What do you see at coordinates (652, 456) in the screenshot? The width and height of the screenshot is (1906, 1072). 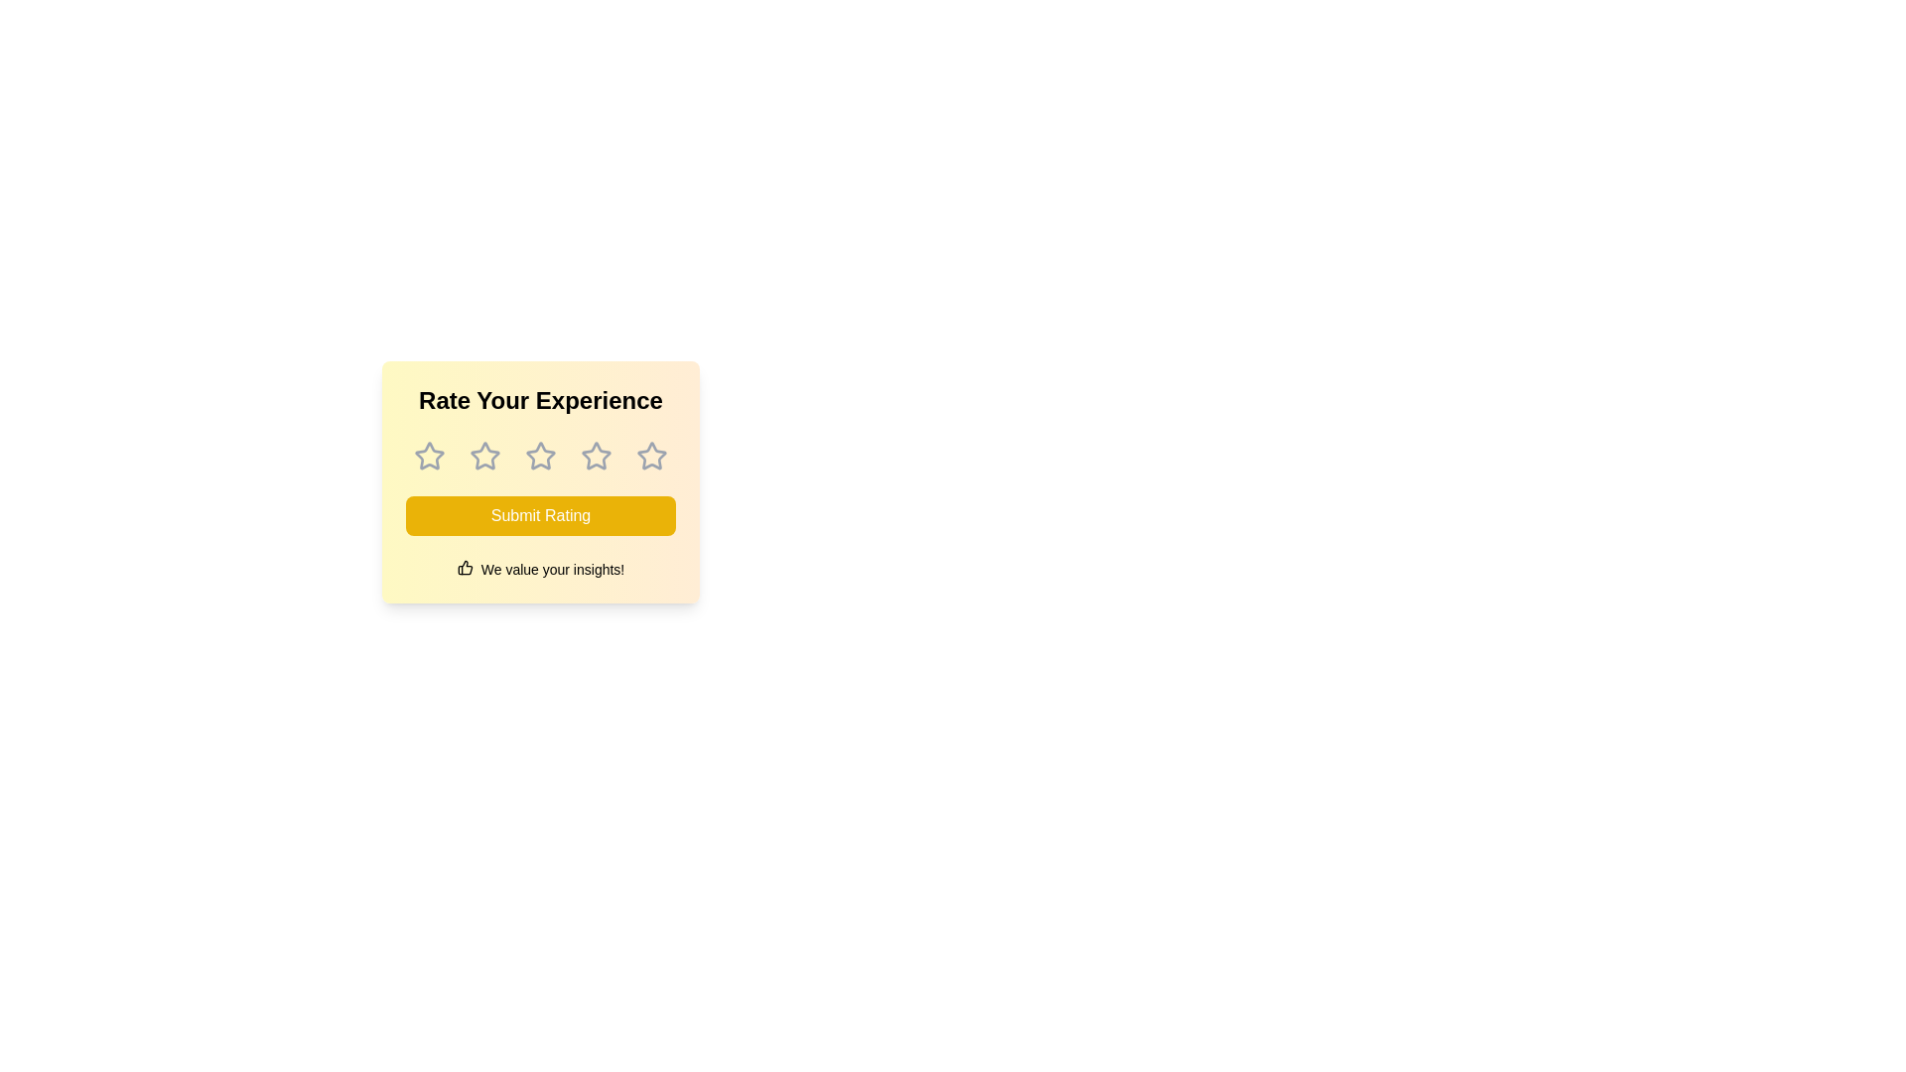 I see `the fifth star in the five-star rating system located at the top-right portion of the 'Rate Your Experience' card using keyboard navigation` at bounding box center [652, 456].